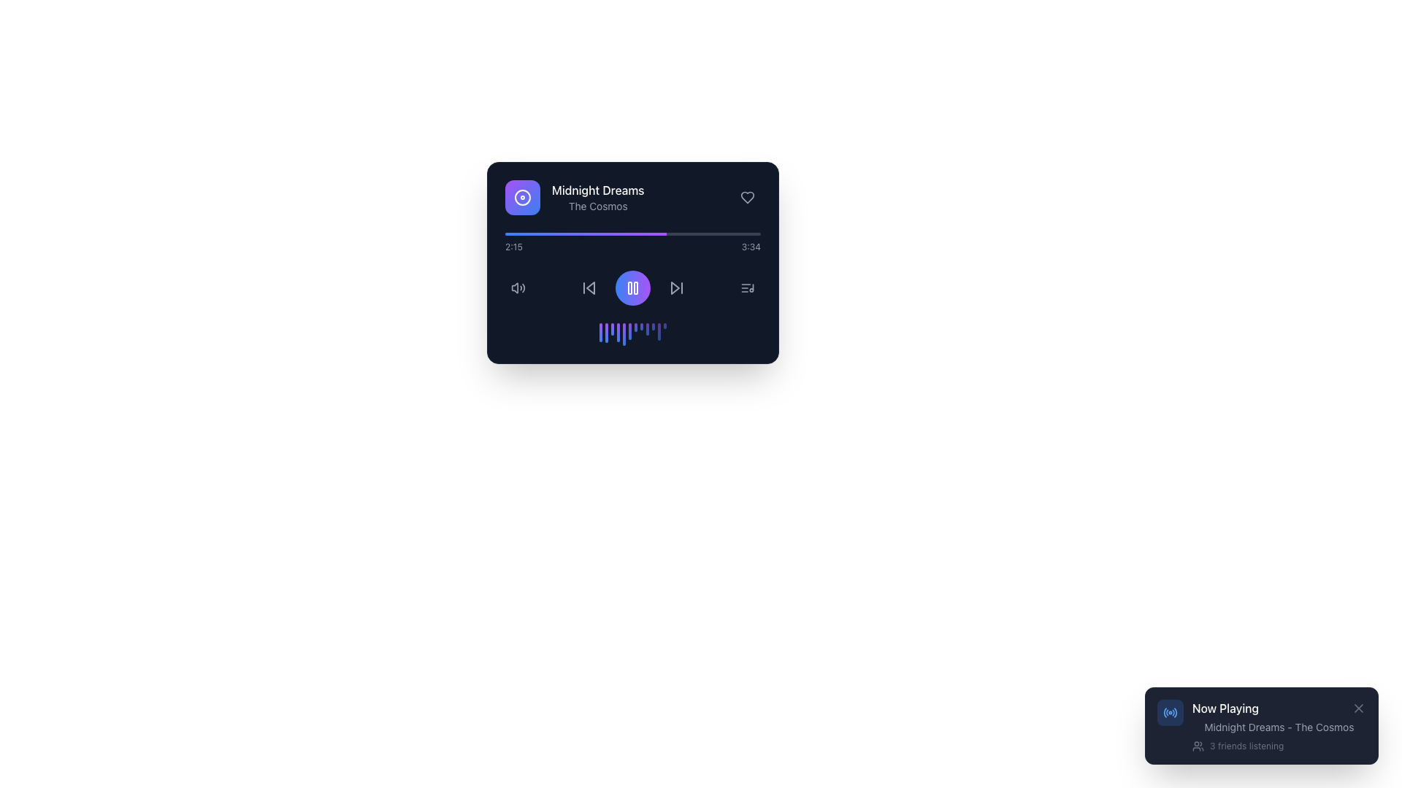 The height and width of the screenshot is (788, 1402). Describe the element at coordinates (600, 233) in the screenshot. I see `playback time` at that location.